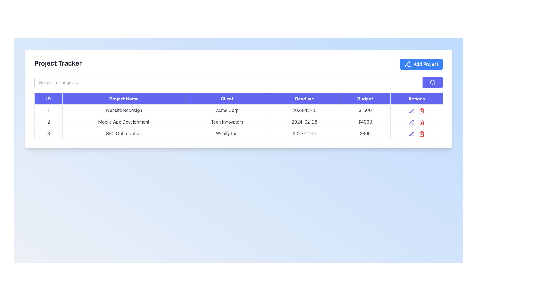 Image resolution: width=540 pixels, height=304 pixels. I want to click on the red trash icon button in the Actions column of the table row for 'SEO Optimization', so click(422, 133).